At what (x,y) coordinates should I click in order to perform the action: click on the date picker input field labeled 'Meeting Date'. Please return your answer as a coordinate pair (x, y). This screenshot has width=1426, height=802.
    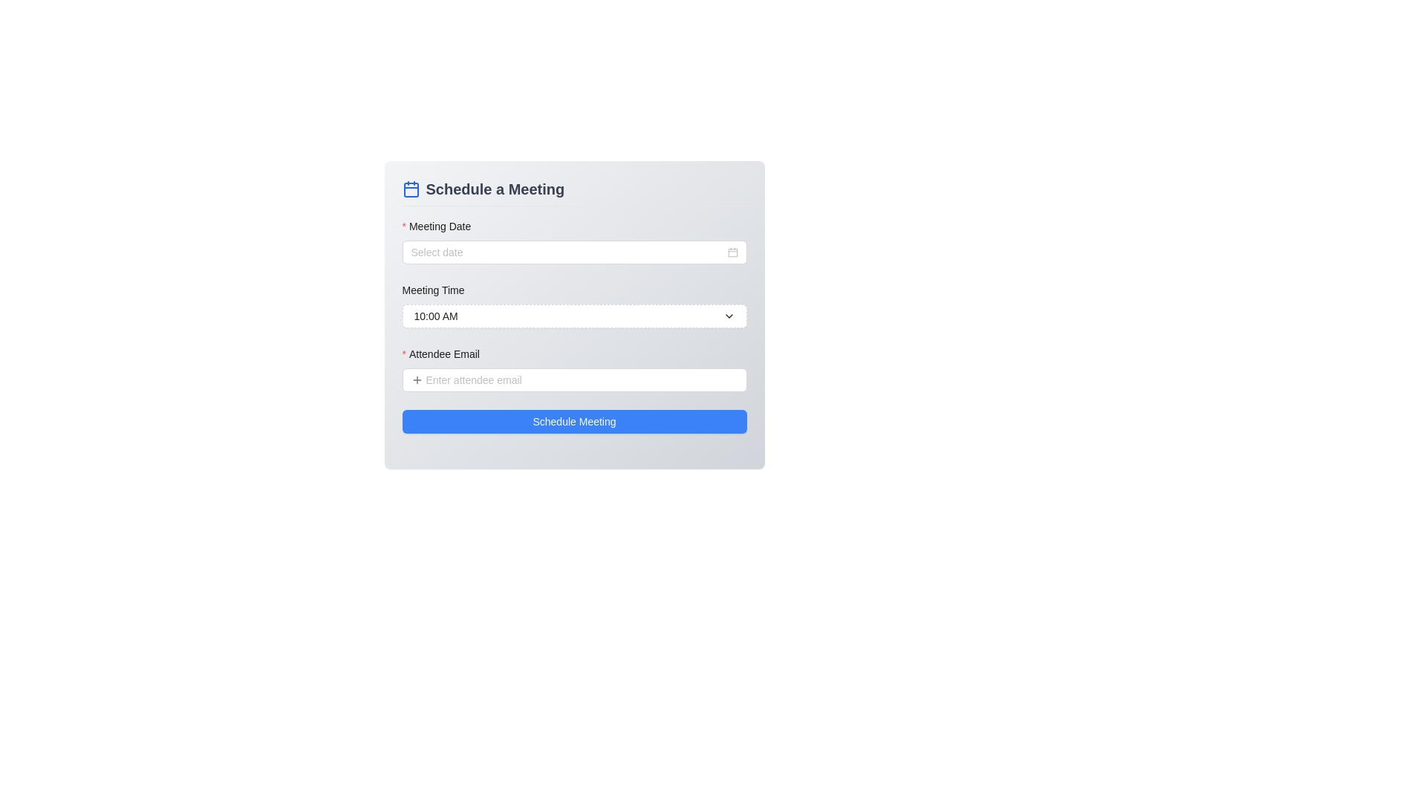
    Looking at the image, I should click on (573, 251).